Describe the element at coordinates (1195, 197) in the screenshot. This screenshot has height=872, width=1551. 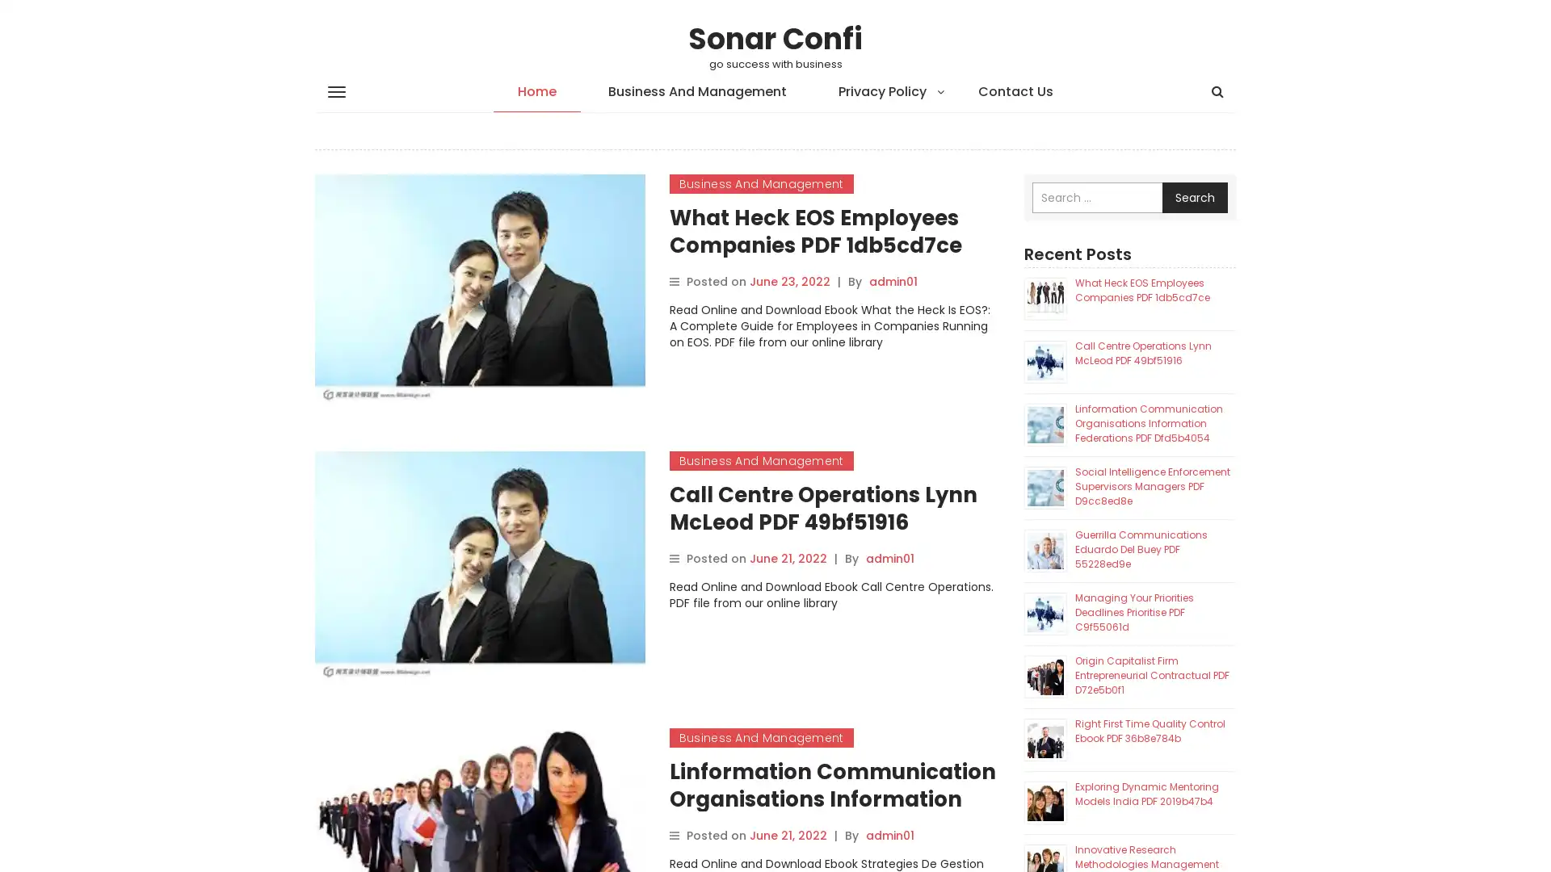
I see `Search` at that location.